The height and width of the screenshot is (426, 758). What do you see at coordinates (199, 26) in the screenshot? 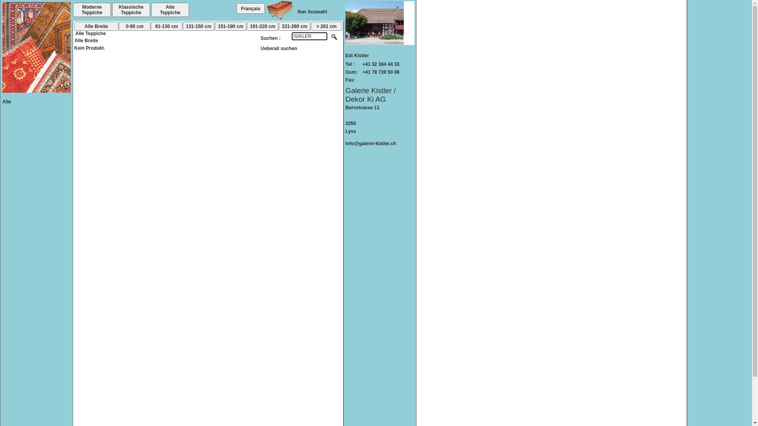
I see `'131-150 cm'` at bounding box center [199, 26].